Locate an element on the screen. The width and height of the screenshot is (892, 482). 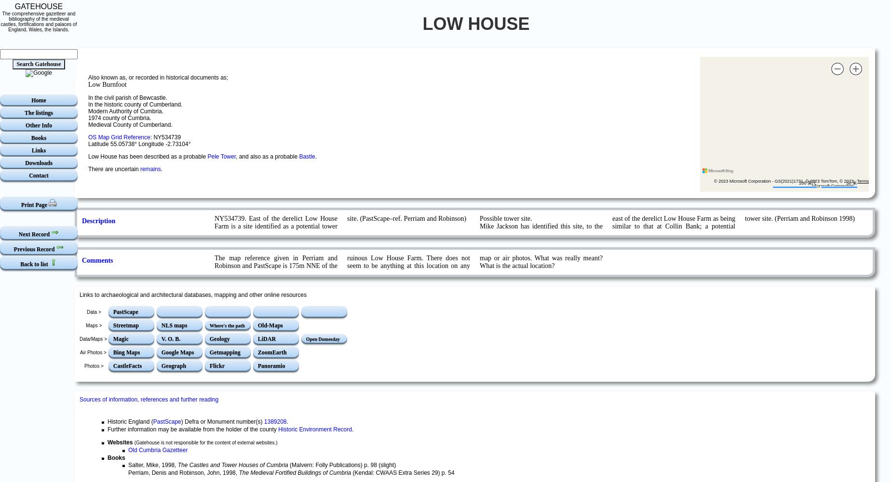
'Getmapping' is located at coordinates (225, 352).